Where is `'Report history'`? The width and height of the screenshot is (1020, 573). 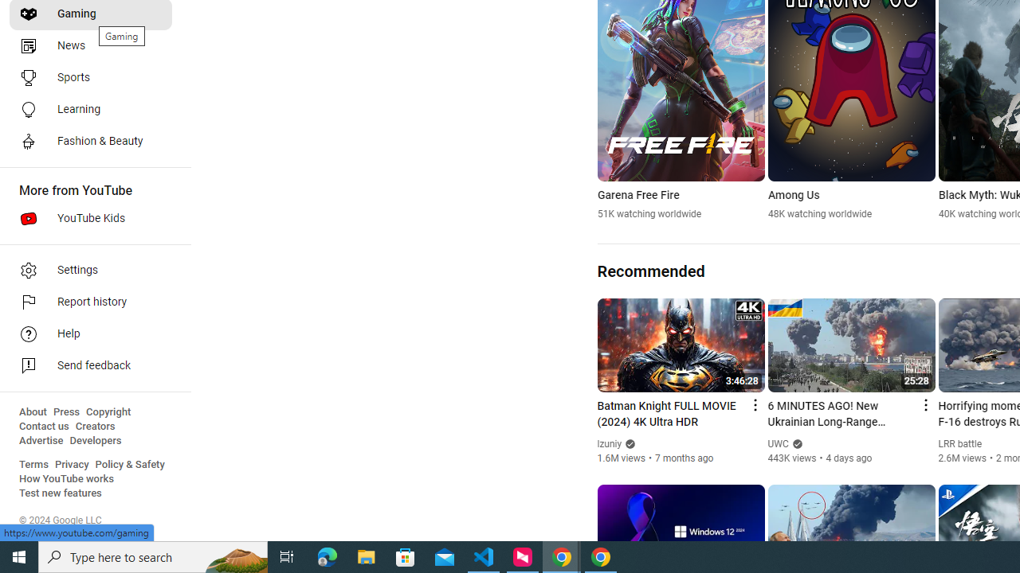
'Report history' is located at coordinates (89, 302).